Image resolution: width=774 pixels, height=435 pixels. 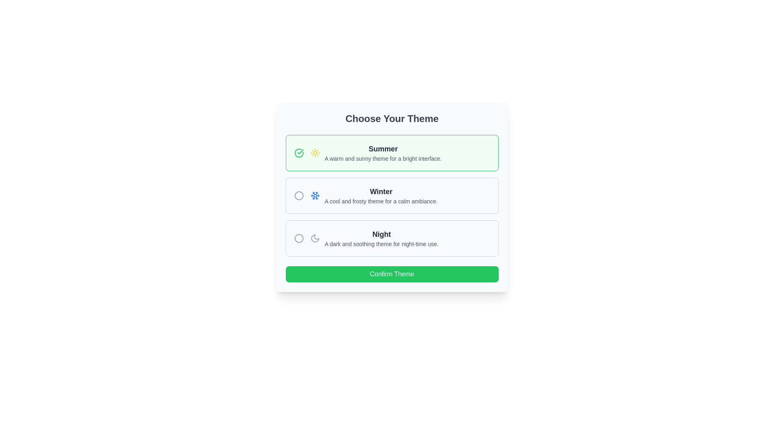 What do you see at coordinates (381, 201) in the screenshot?
I see `text description located directly below the 'Winter' title in the thematic box, which provides additional information about the 'Winter' theme` at bounding box center [381, 201].